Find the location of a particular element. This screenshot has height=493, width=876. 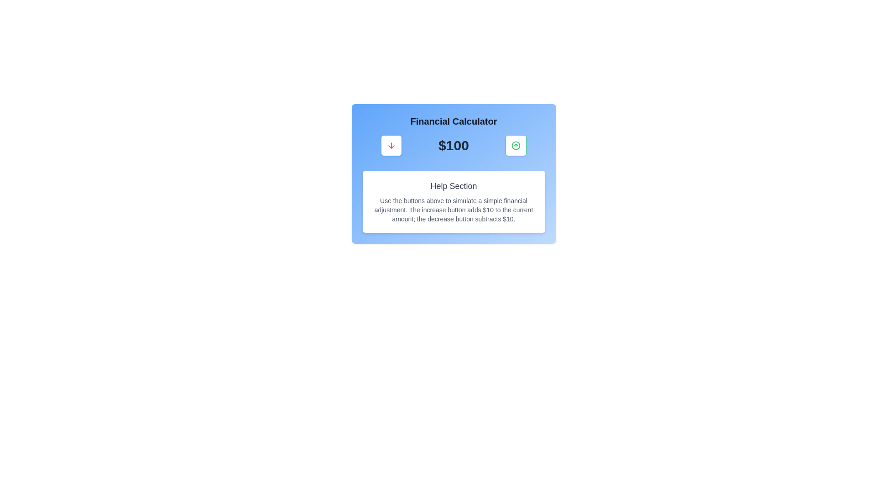

the circular graphic element within the upward-pointing arrow icon located on the right side of the main header panel, positioned below the 'Financial Calculator' header is located at coordinates (516, 145).